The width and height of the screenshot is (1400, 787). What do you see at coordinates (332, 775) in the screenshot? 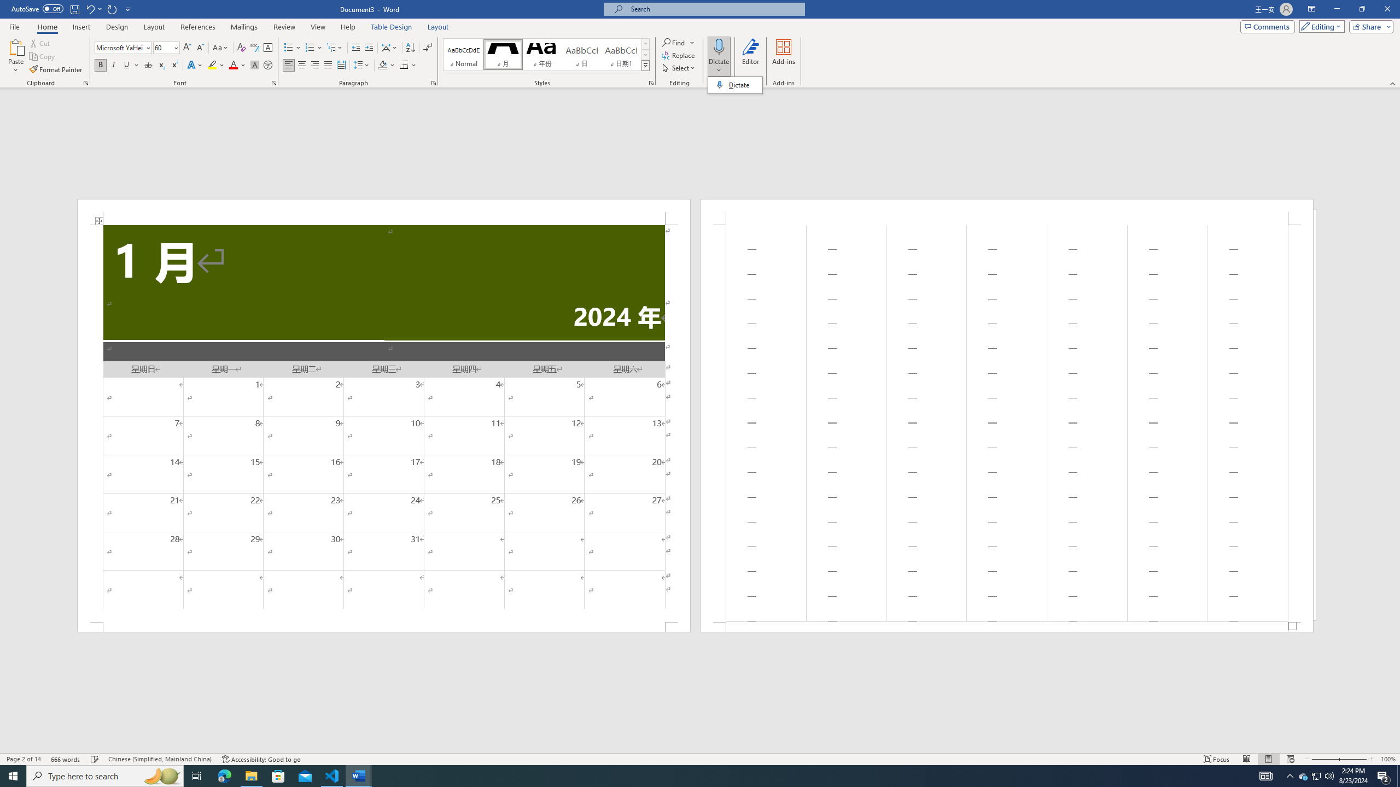
I see `'Visual Studio Code - 1 running window'` at bounding box center [332, 775].